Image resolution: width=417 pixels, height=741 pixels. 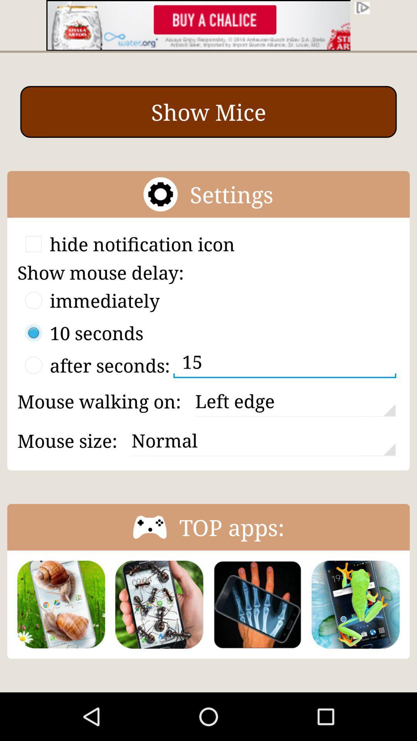 I want to click on the drop down beside mouse size, so click(x=263, y=441).